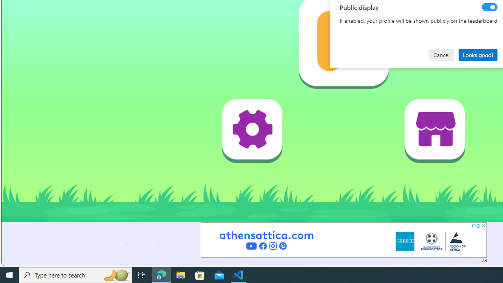 The width and height of the screenshot is (503, 283). What do you see at coordinates (343, 239) in the screenshot?
I see `'Advertisement'` at bounding box center [343, 239].